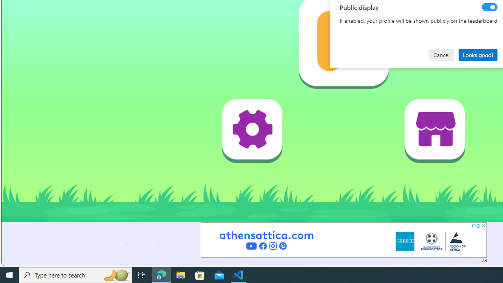 The width and height of the screenshot is (503, 283). What do you see at coordinates (343, 239) in the screenshot?
I see `'Advertisement'` at bounding box center [343, 239].